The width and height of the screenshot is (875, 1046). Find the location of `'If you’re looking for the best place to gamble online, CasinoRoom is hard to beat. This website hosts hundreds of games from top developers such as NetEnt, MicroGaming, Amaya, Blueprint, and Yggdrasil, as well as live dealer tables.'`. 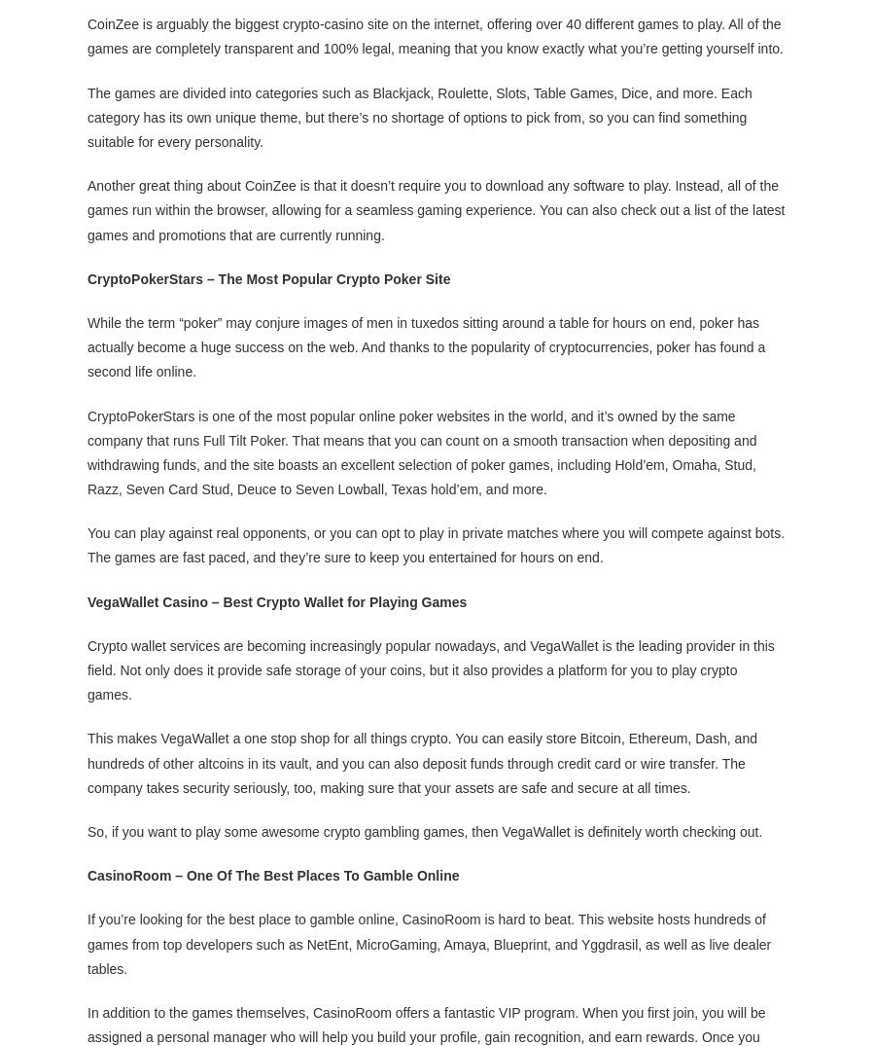

'If you’re looking for the best place to gamble online, CasinoRoom is hard to beat. This website hosts hundreds of games from top developers such as NetEnt, MicroGaming, Amaya, Blueprint, and Yggdrasil, as well as live dealer tables.' is located at coordinates (429, 943).